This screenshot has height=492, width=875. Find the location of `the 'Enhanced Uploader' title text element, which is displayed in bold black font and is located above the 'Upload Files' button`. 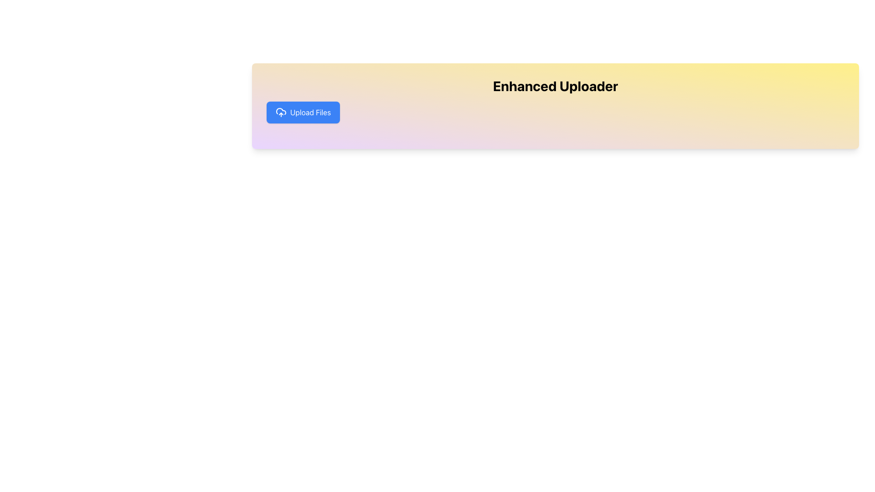

the 'Enhanced Uploader' title text element, which is displayed in bold black font and is located above the 'Upload Files' button is located at coordinates (555, 86).